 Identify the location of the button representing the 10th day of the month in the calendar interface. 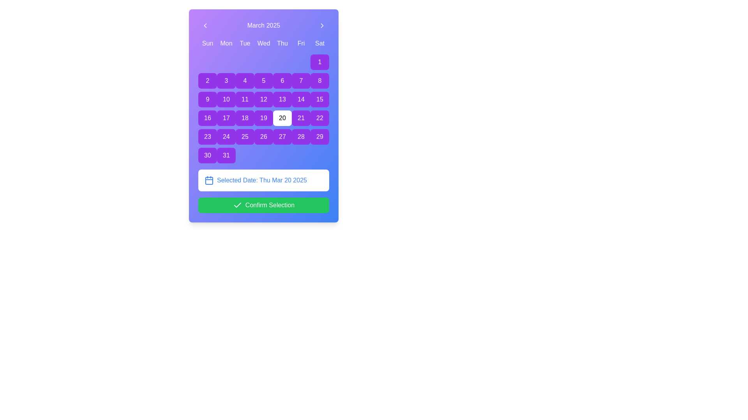
(226, 99).